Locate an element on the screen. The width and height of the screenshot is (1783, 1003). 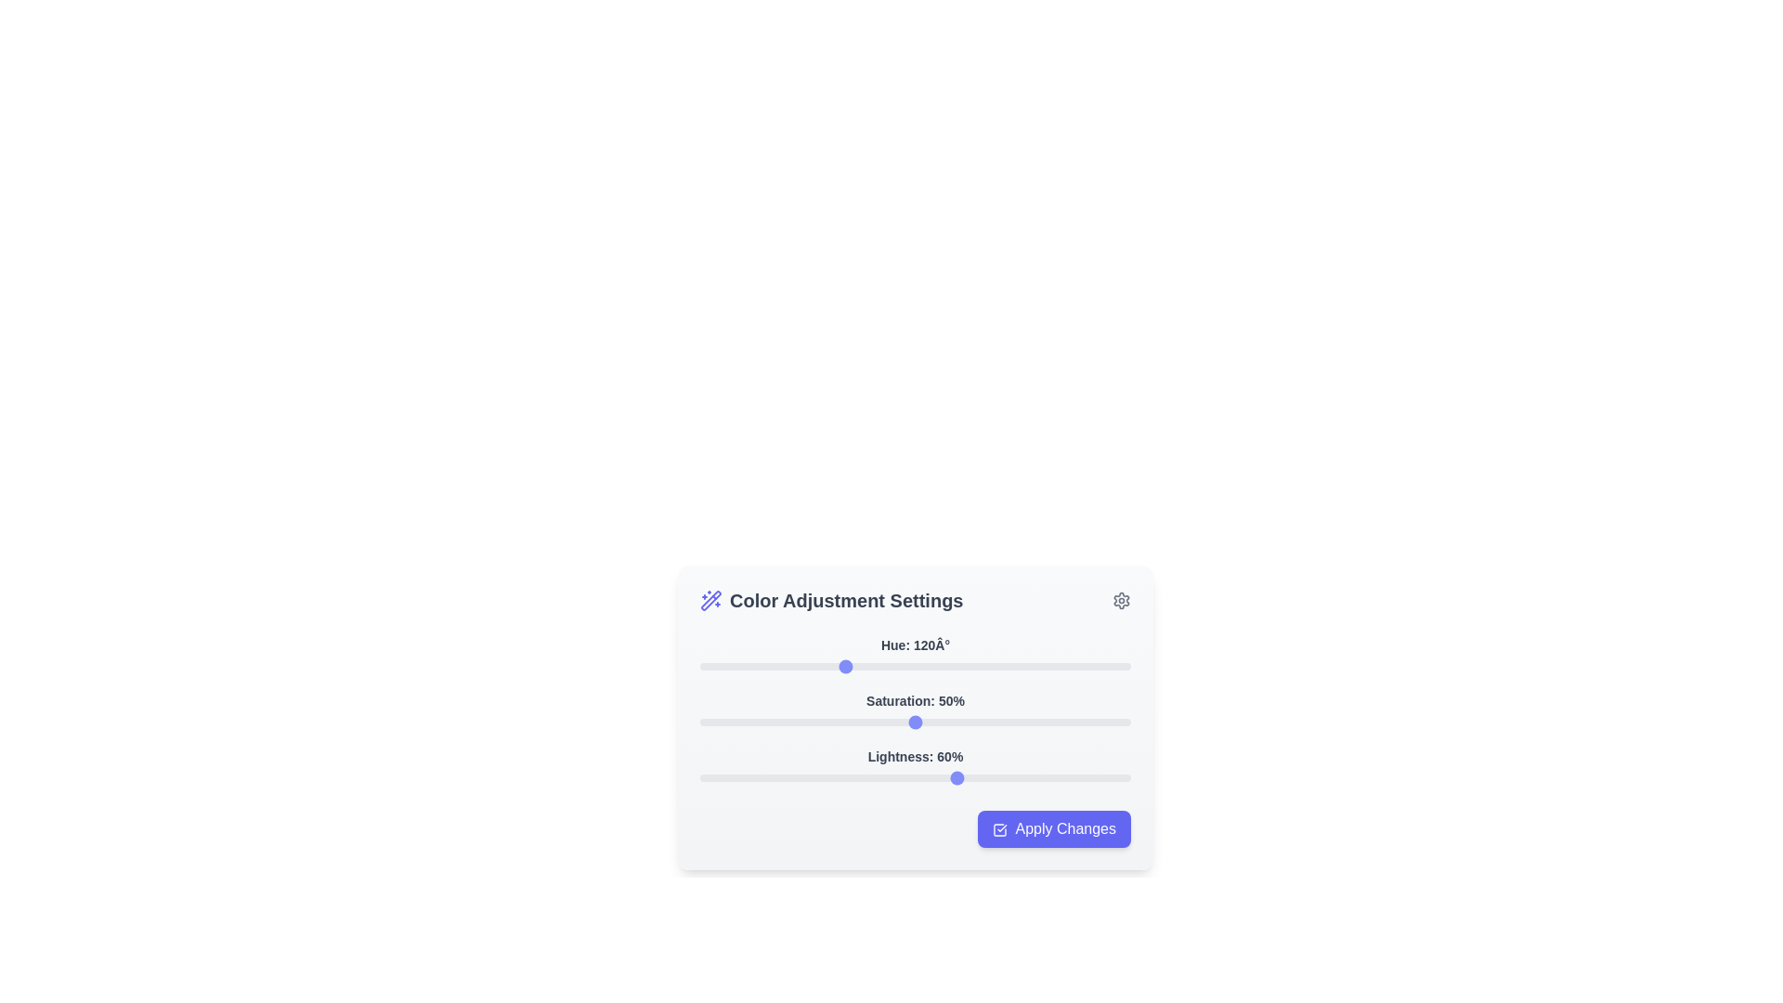
the prominent button located at the bottom-right corner of the 'Color Adjustment Settings' modal to apply changes made to settings such as hue, saturation, or lightness is located at coordinates (1054, 828).